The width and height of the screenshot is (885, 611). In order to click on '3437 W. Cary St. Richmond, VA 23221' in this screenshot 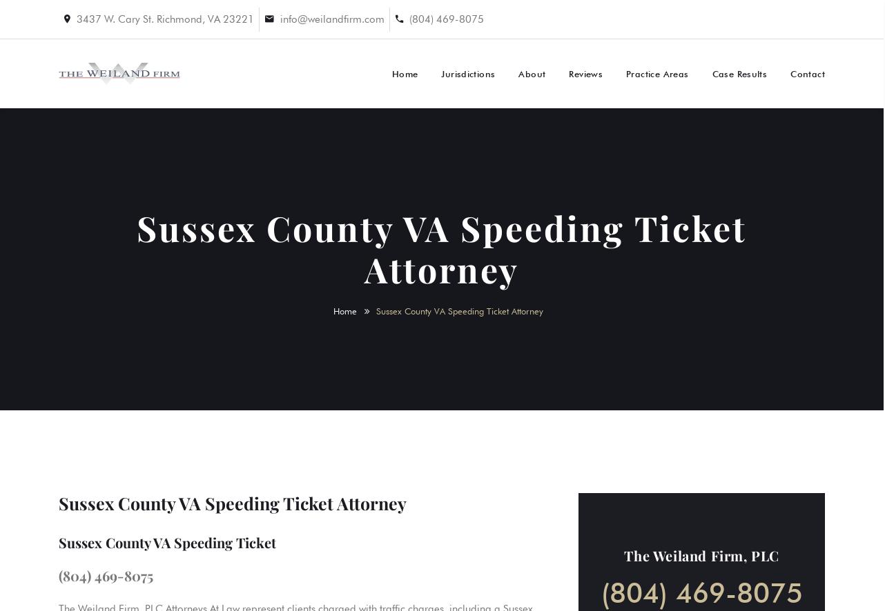, I will do `click(165, 19)`.